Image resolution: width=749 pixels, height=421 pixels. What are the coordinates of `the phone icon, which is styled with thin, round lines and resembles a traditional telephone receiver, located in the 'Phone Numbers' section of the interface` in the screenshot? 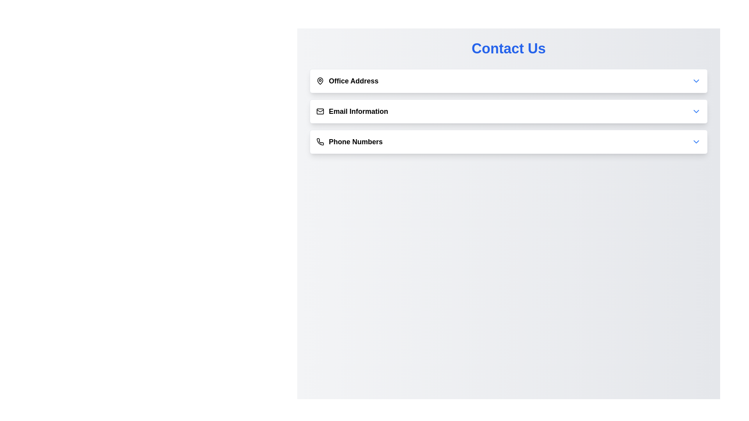 It's located at (320, 142).